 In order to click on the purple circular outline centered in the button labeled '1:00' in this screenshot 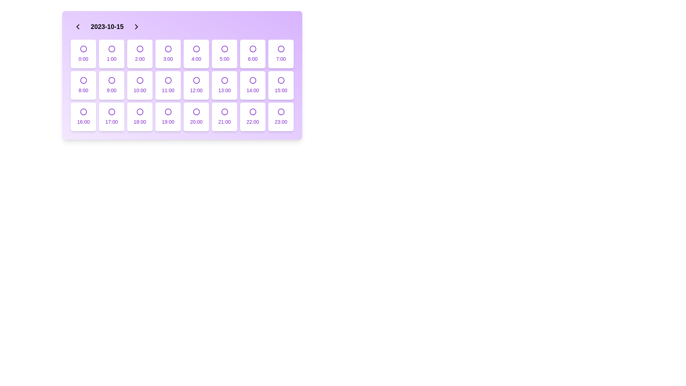, I will do `click(111, 49)`.